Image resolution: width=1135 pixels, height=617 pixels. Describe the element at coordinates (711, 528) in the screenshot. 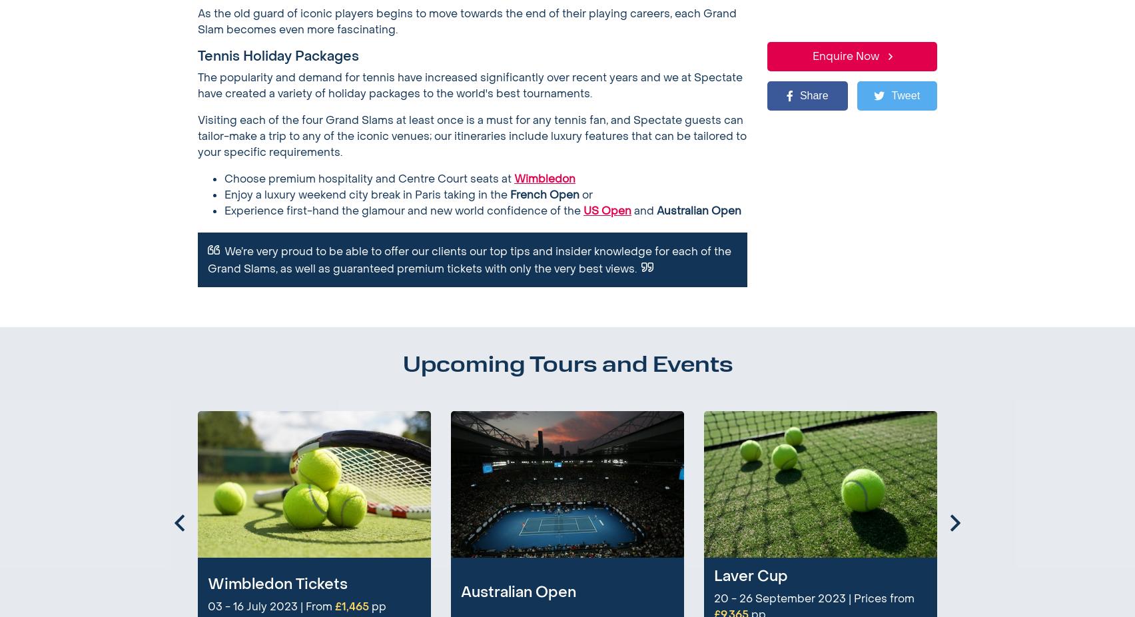

I see `'Follow us and share your adventure'` at that location.